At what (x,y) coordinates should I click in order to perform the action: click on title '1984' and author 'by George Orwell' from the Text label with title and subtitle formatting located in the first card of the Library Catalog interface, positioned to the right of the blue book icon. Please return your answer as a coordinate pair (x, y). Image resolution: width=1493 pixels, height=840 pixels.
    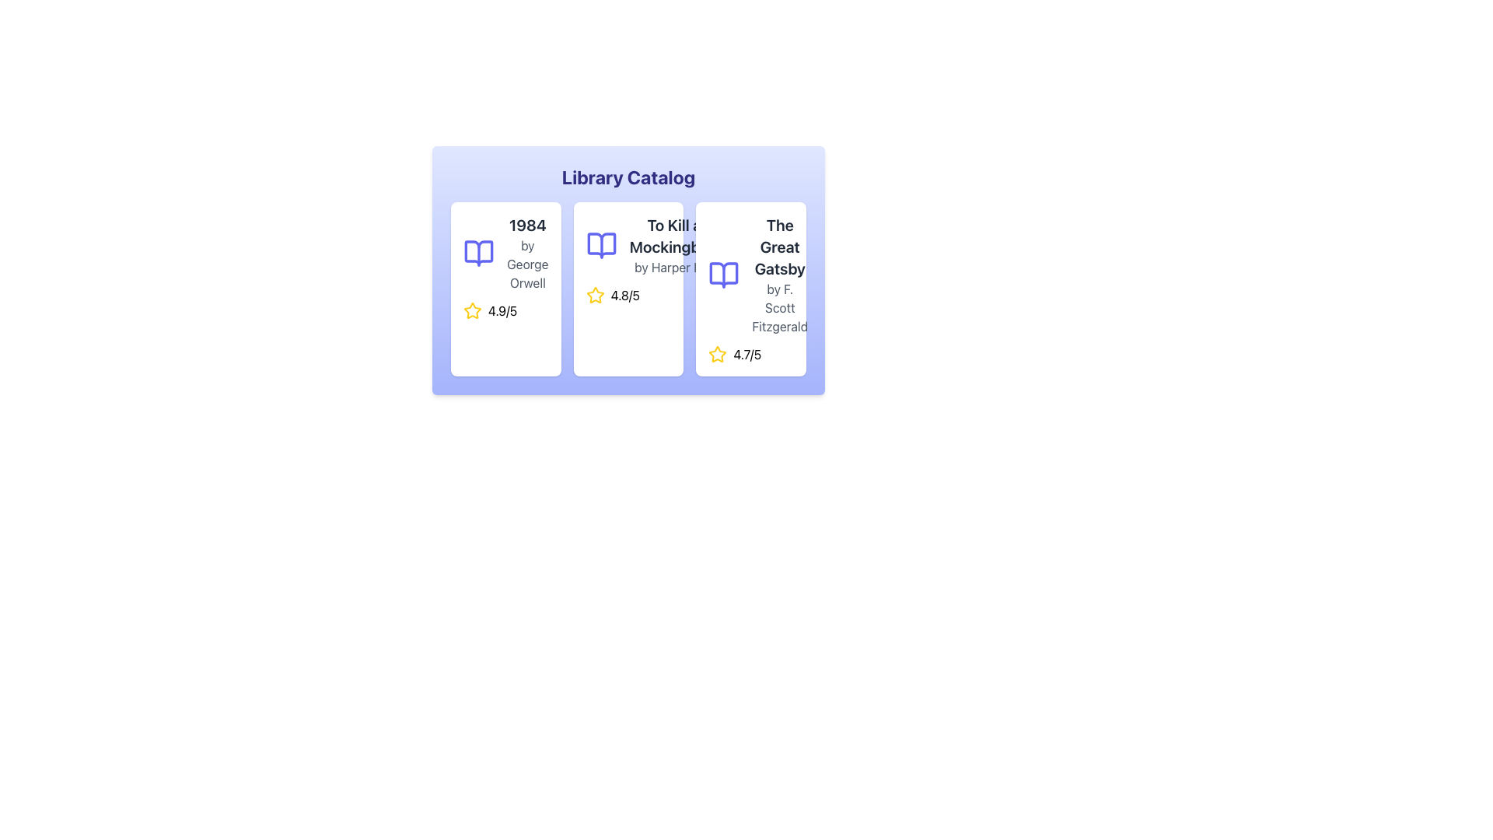
    Looking at the image, I should click on (505, 253).